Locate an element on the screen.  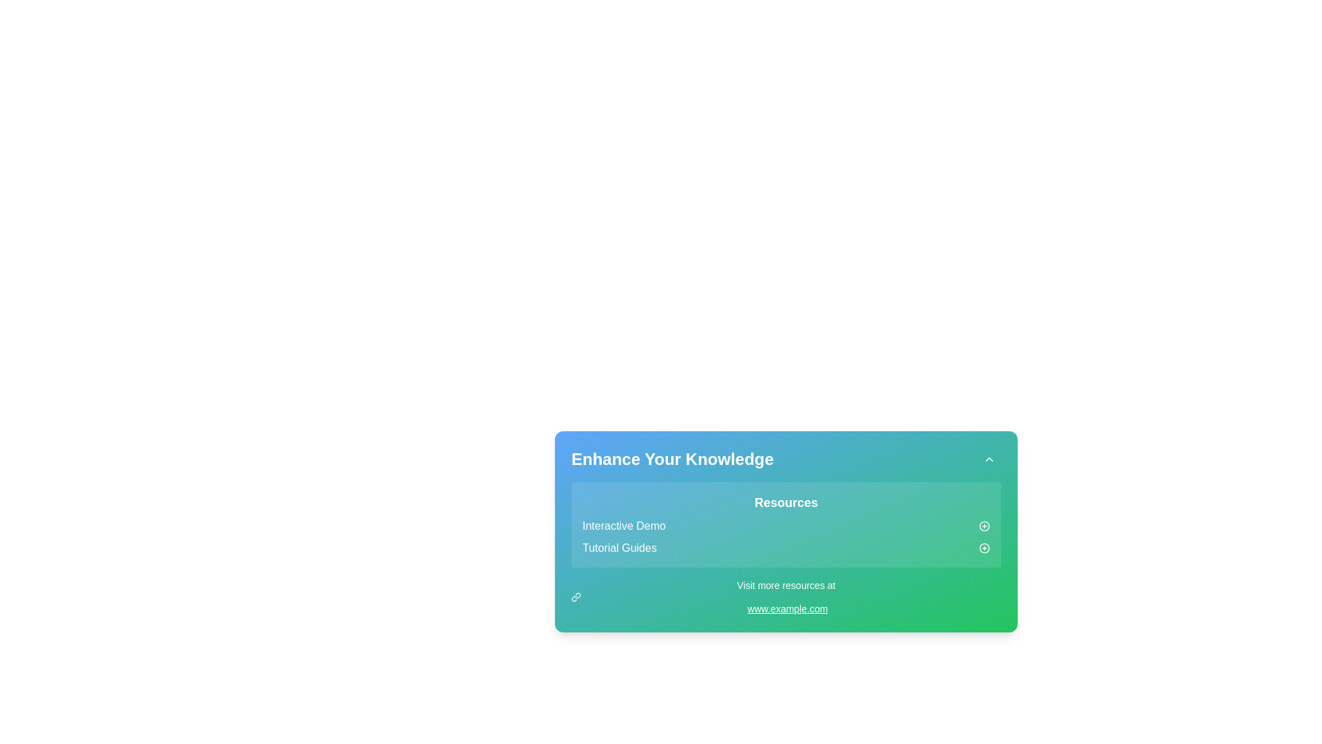
the button located to the right of the 'Interactive Demo' text is located at coordinates (984, 526).